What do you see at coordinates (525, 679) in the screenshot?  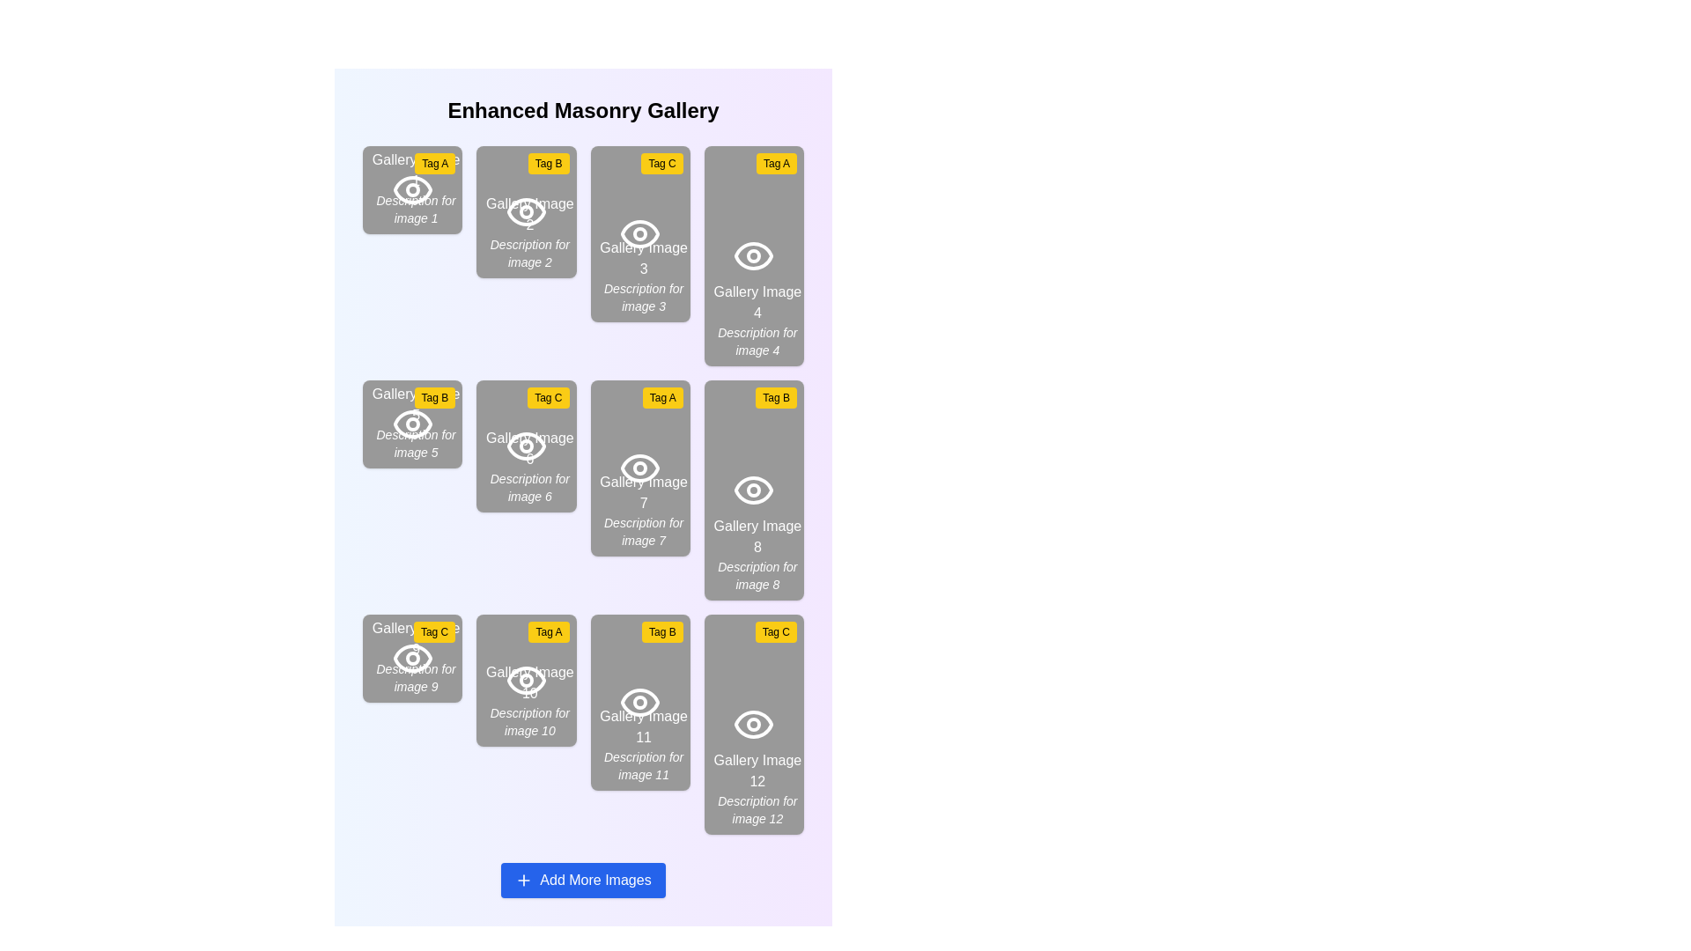 I see `the icon located in the center of the 'Gallery Image 10' card` at bounding box center [525, 679].